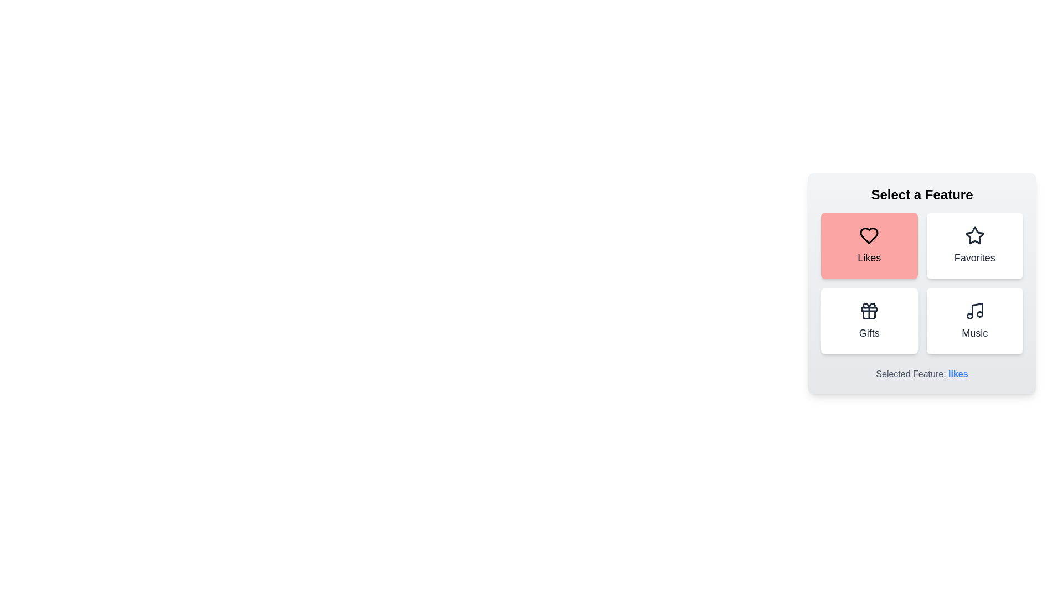 The image size is (1063, 598). I want to click on the feature button corresponding to Likes, so click(869, 245).